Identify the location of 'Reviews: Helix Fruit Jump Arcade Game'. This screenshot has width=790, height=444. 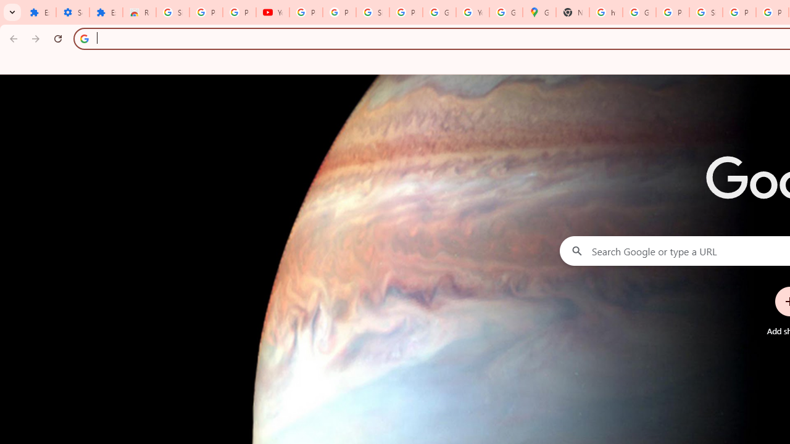
(139, 12).